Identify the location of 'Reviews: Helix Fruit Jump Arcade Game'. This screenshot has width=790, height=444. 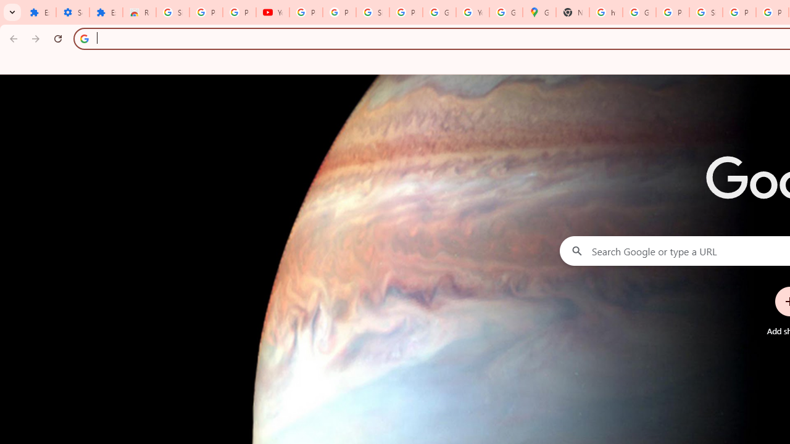
(139, 12).